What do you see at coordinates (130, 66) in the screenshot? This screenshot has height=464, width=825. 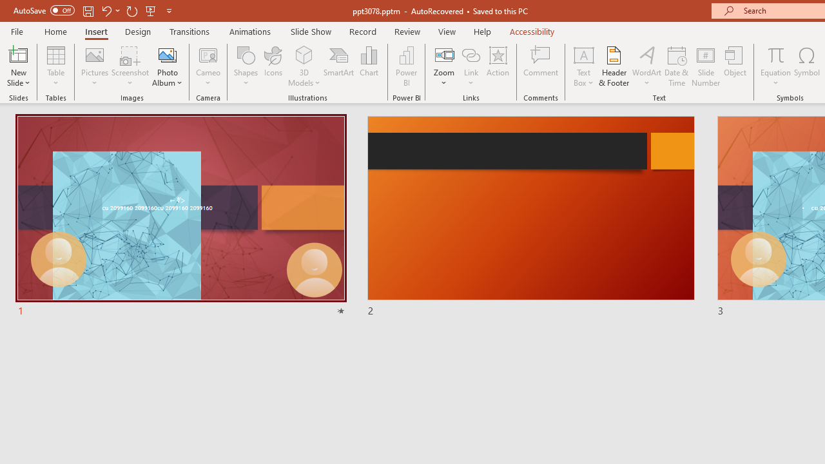 I see `'Screenshot'` at bounding box center [130, 66].